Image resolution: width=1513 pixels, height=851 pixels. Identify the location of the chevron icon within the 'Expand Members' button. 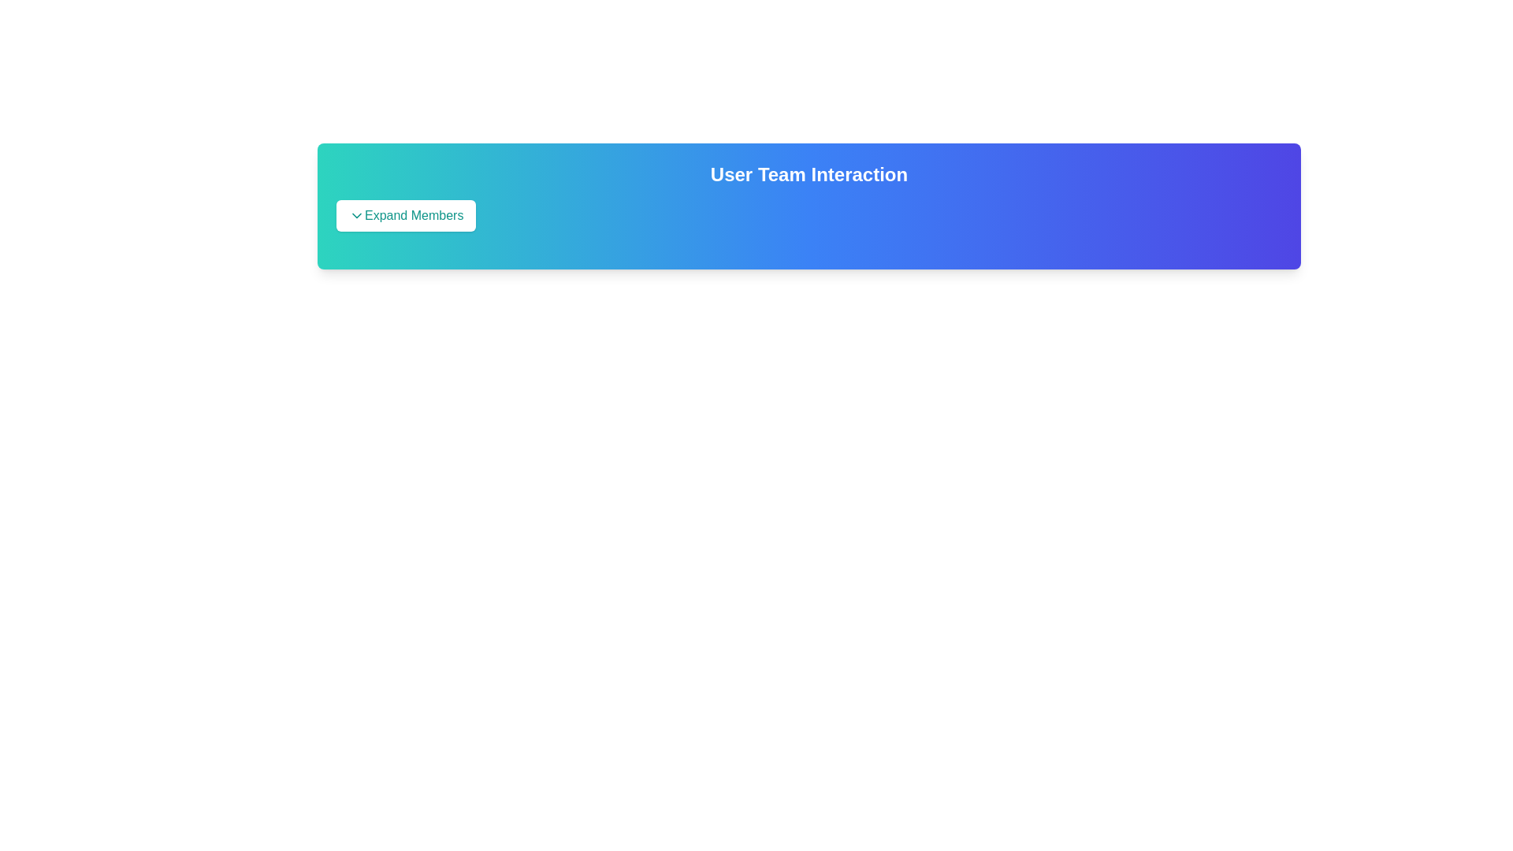
(355, 215).